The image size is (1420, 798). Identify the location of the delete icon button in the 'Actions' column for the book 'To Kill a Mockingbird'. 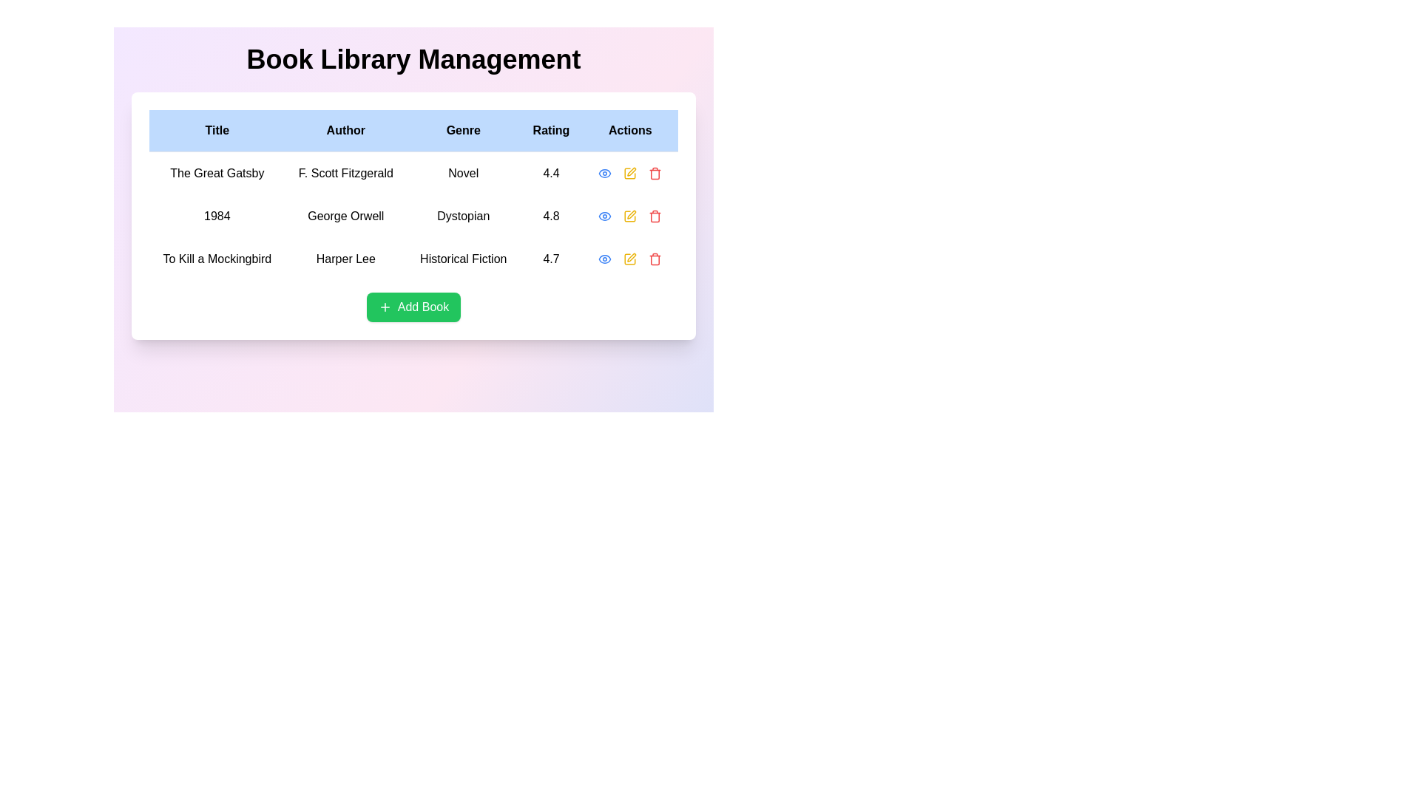
(655, 259).